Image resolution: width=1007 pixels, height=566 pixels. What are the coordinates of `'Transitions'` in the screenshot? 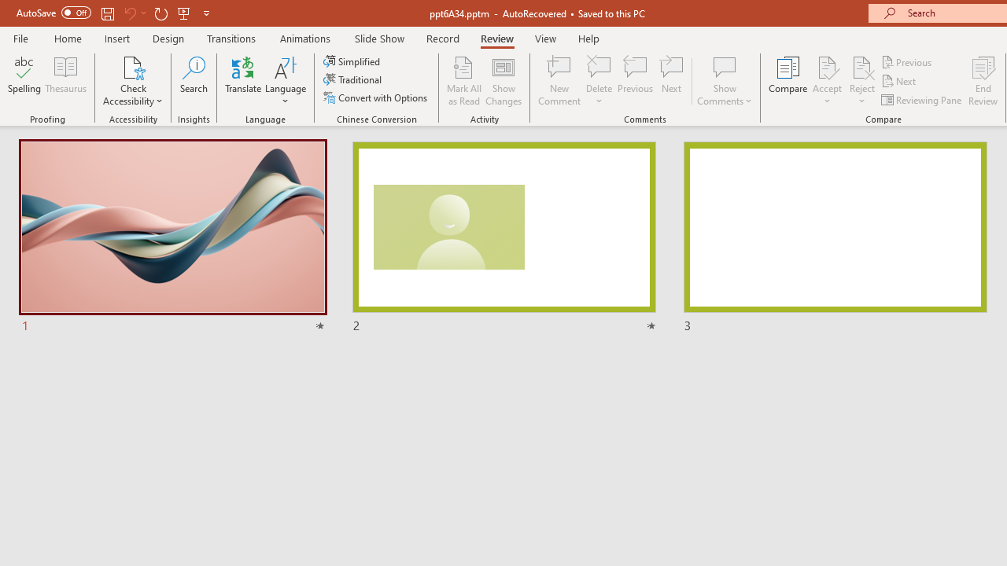 It's located at (231, 38).